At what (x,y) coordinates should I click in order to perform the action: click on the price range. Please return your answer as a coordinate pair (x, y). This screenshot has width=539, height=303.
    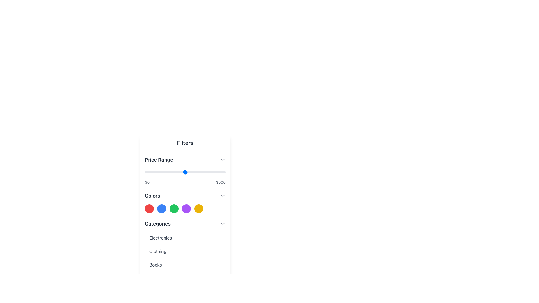
    Looking at the image, I should click on (193, 172).